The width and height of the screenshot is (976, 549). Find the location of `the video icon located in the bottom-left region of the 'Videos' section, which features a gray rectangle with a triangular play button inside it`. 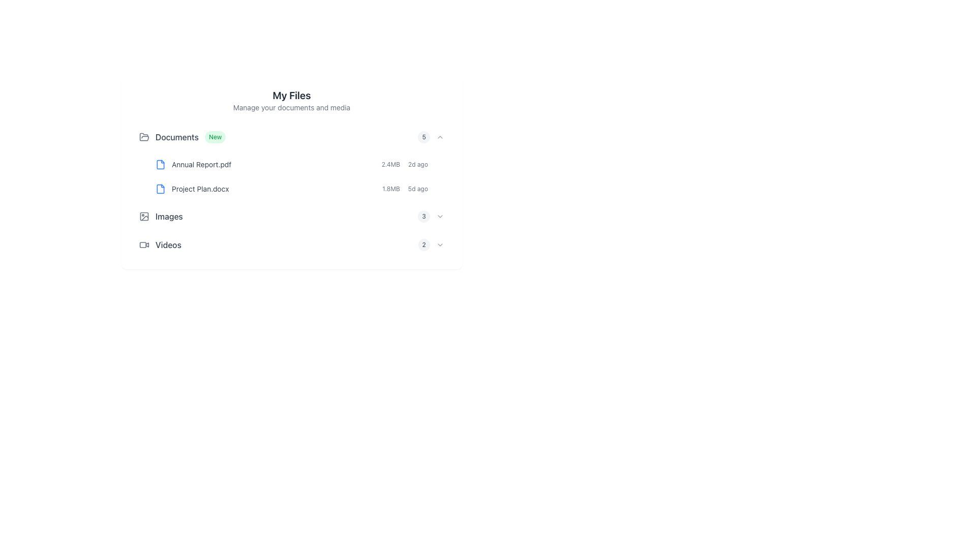

the video icon located in the bottom-left region of the 'Videos' section, which features a gray rectangle with a triangular play button inside it is located at coordinates (143, 245).